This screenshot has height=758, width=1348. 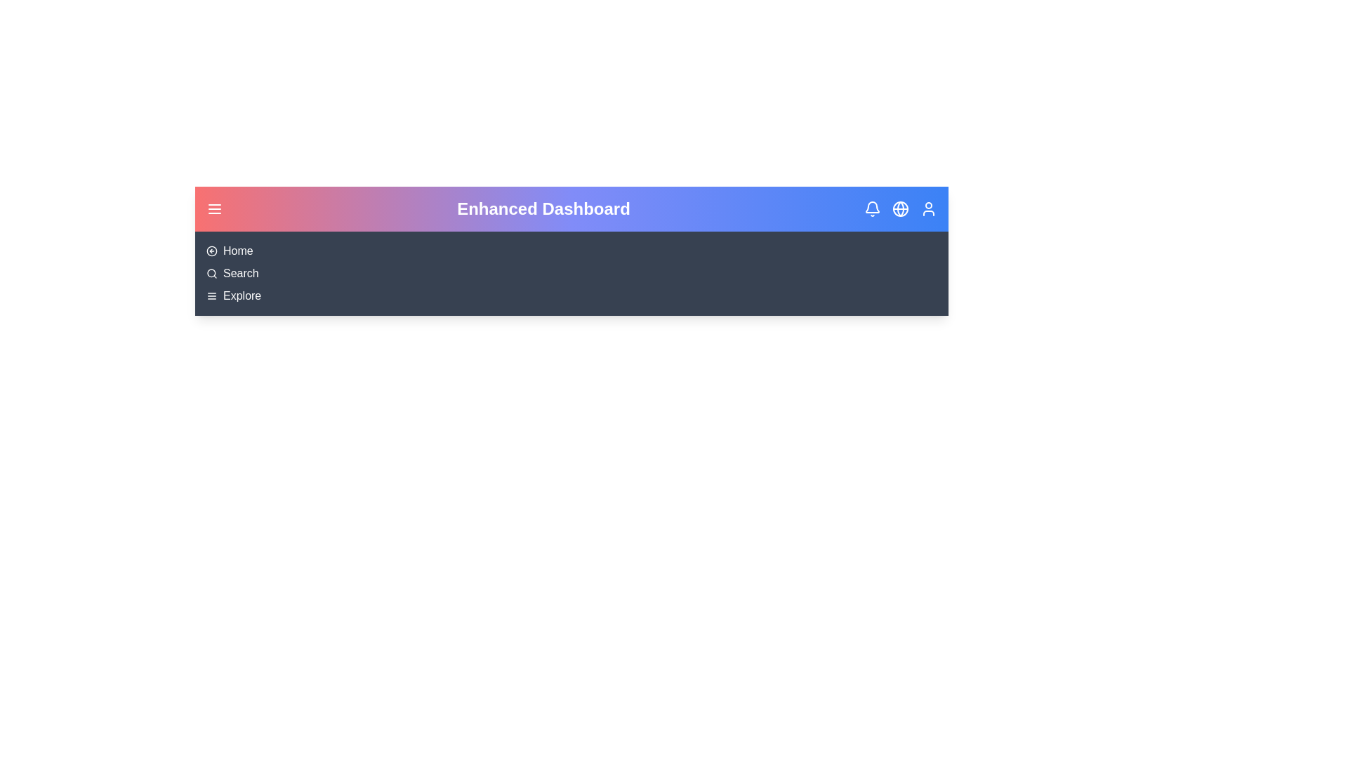 What do you see at coordinates (929, 208) in the screenshot?
I see `the 'User' icon in the app bar` at bounding box center [929, 208].